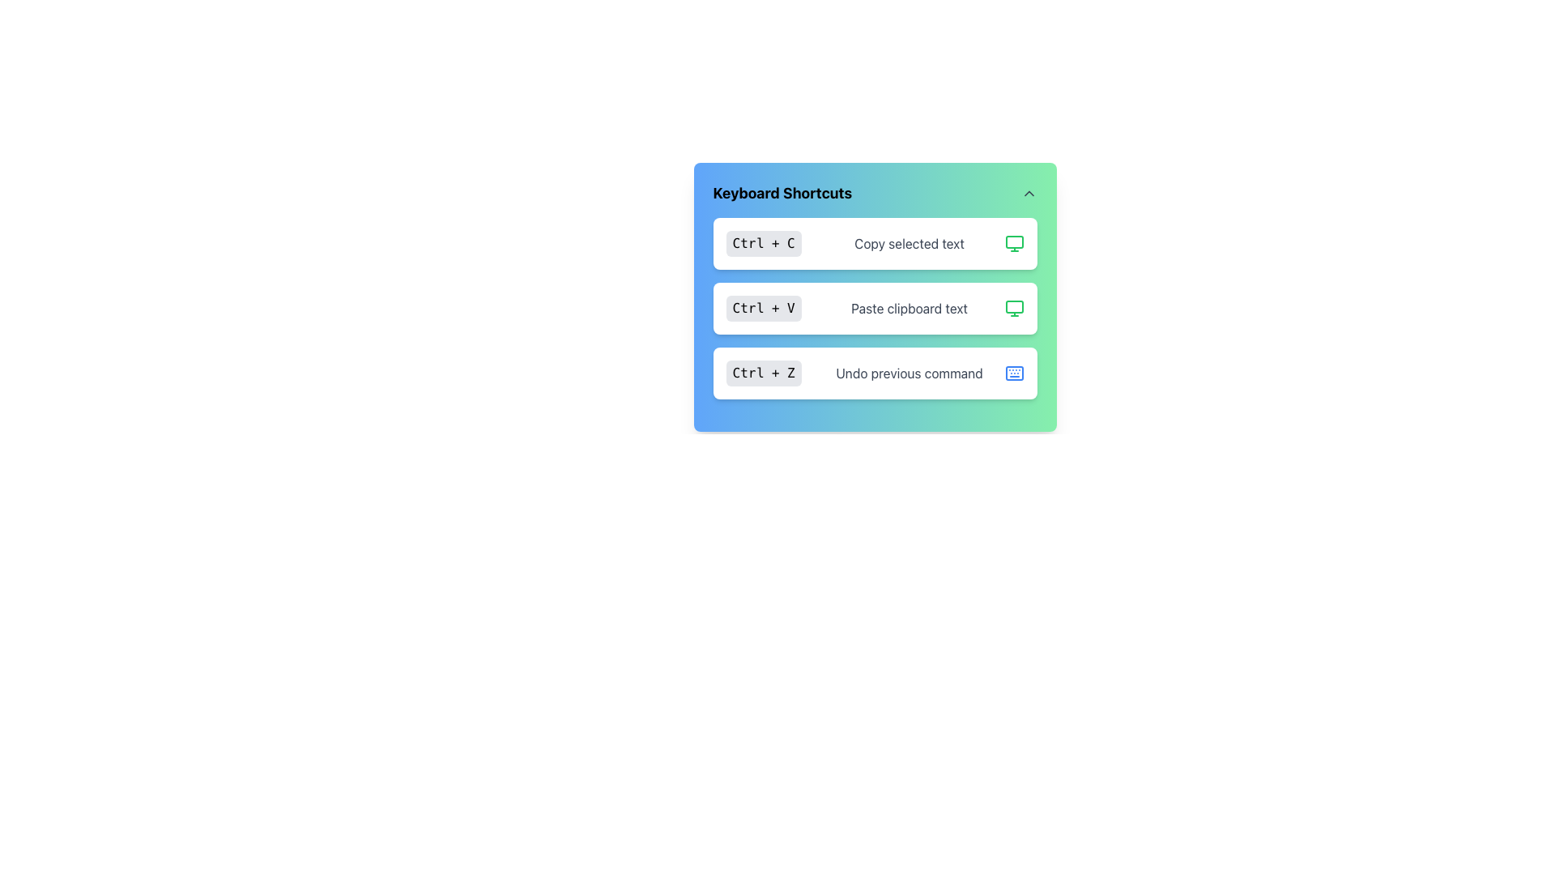  Describe the element at coordinates (1013, 373) in the screenshot. I see `the icon located at the far right of the row containing 'Ctrl + Z' and the description 'Undo previous command.' This icon is the third component from the left in the same row` at that location.